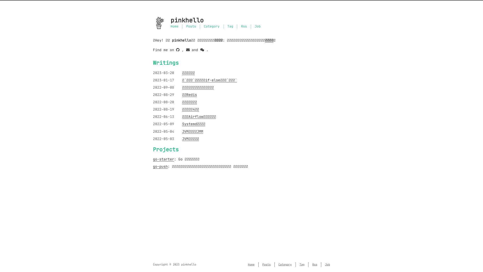  What do you see at coordinates (230, 26) in the screenshot?
I see `'Tag'` at bounding box center [230, 26].